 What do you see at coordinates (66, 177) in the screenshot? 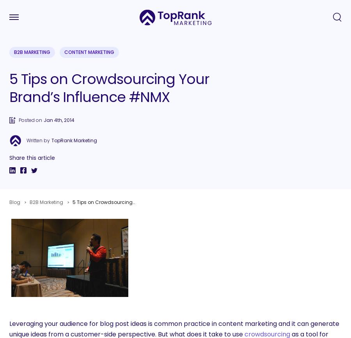
I see `'Search'` at bounding box center [66, 177].